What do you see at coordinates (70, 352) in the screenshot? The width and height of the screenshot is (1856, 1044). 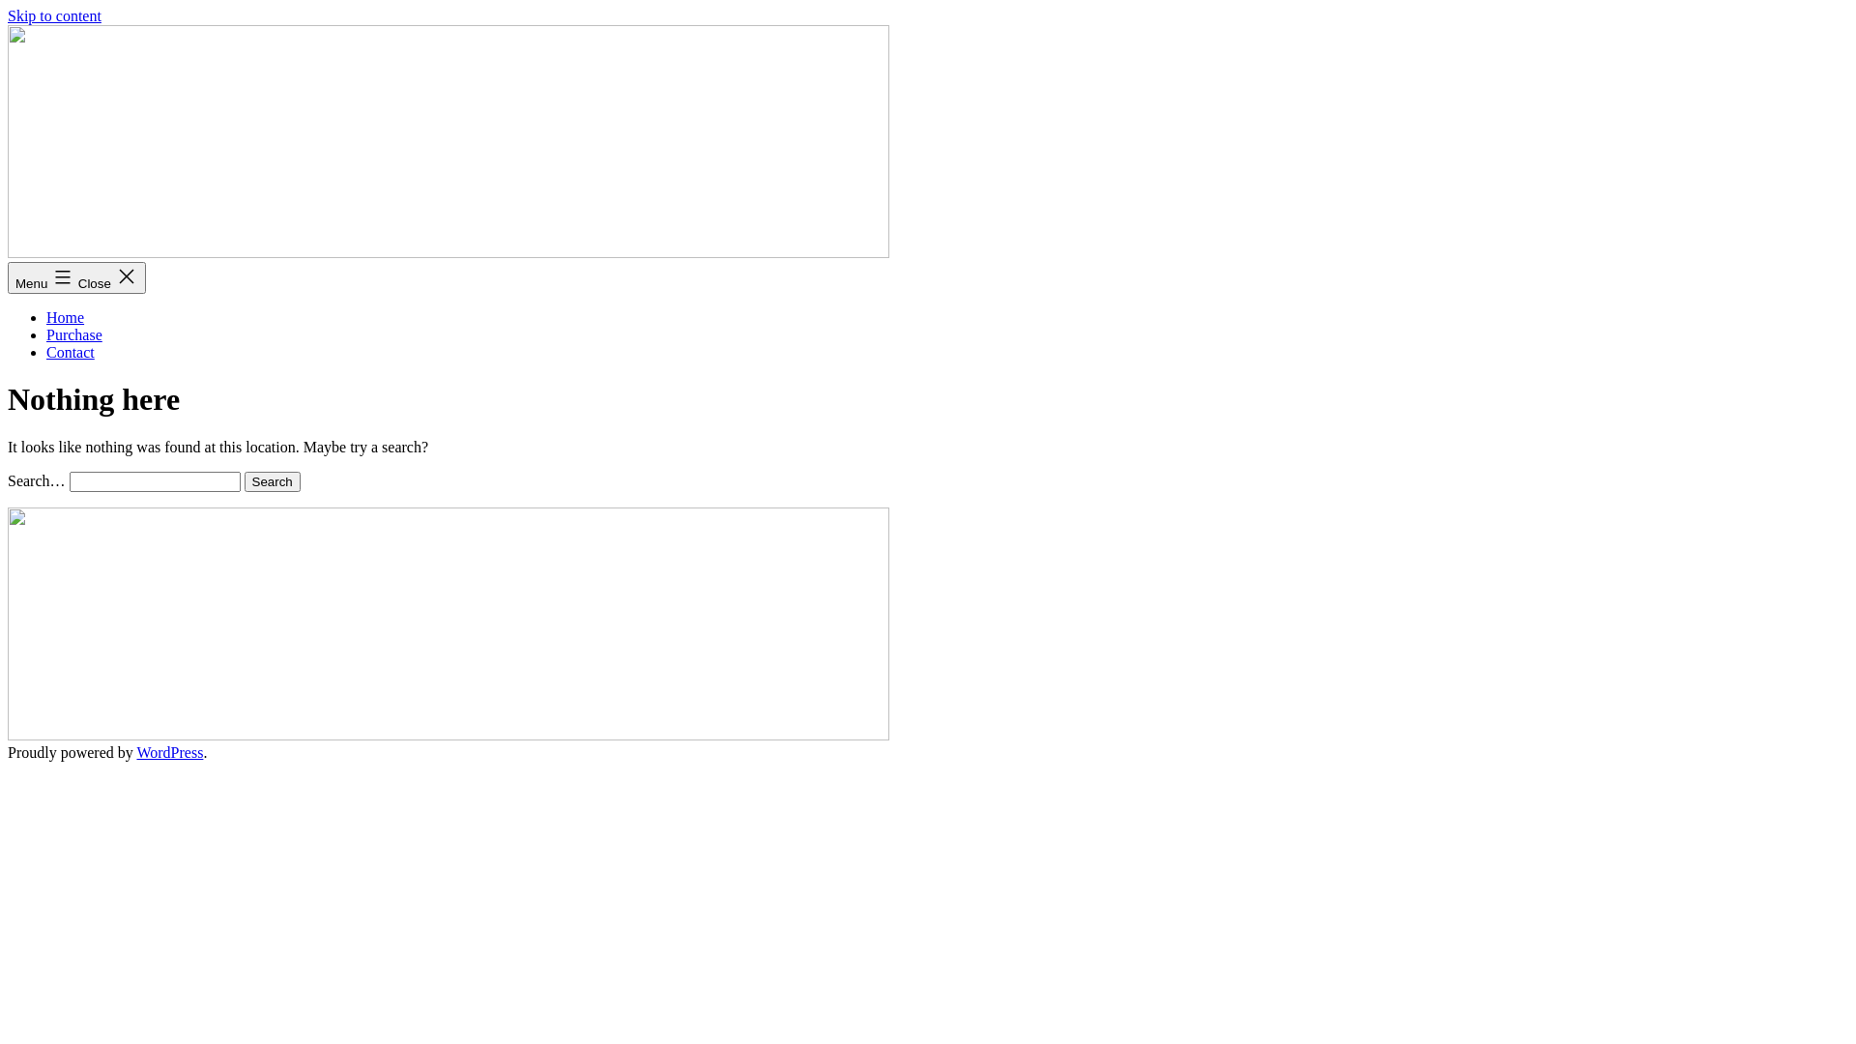 I see `'Contact'` at bounding box center [70, 352].